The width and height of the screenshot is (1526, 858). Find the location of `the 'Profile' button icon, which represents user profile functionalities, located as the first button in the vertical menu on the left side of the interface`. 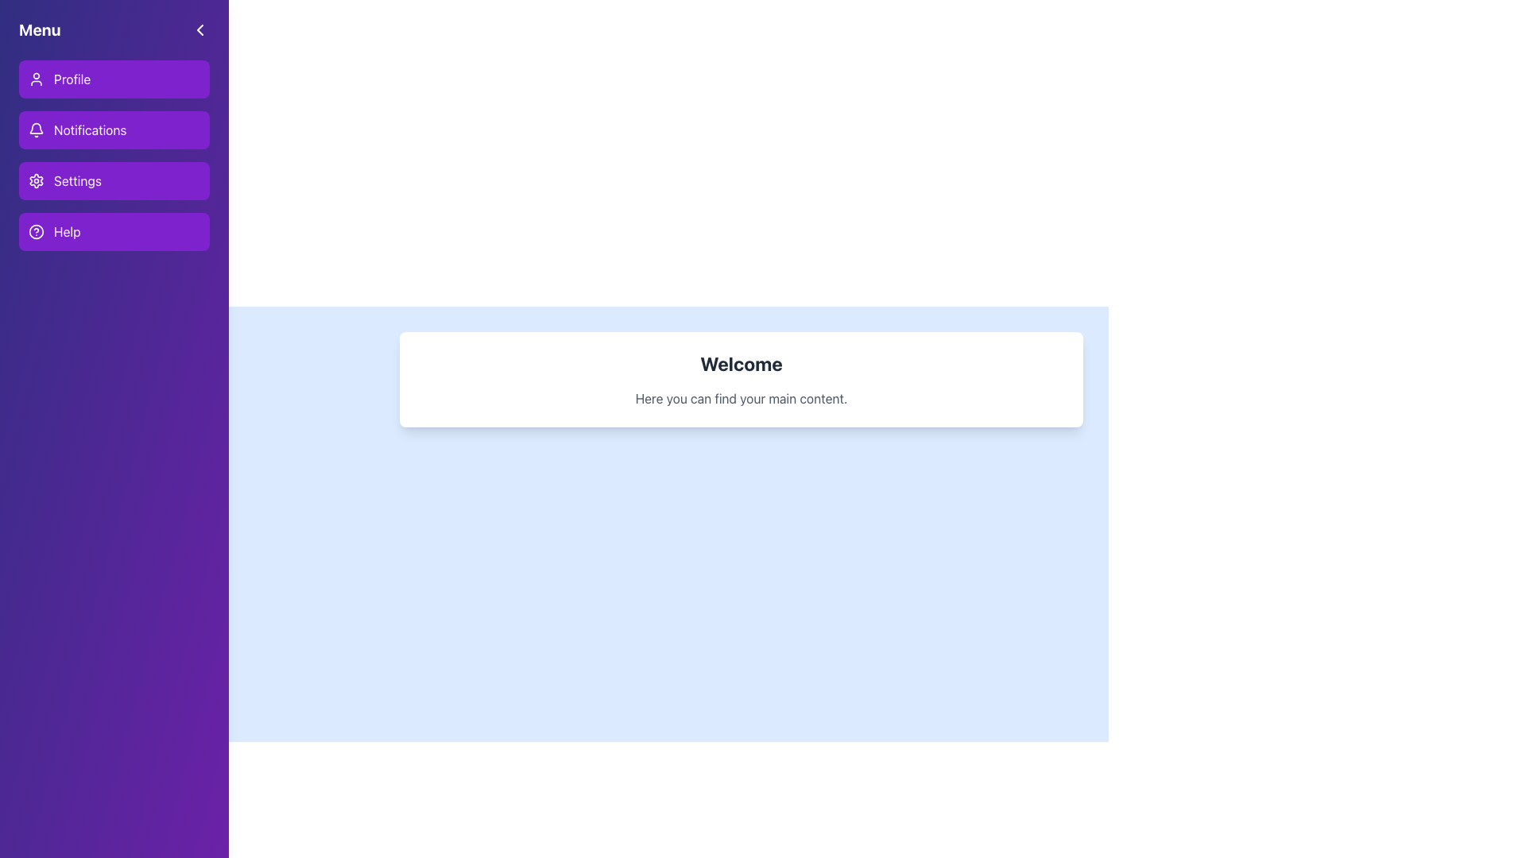

the 'Profile' button icon, which represents user profile functionalities, located as the first button in the vertical menu on the left side of the interface is located at coordinates (37, 79).